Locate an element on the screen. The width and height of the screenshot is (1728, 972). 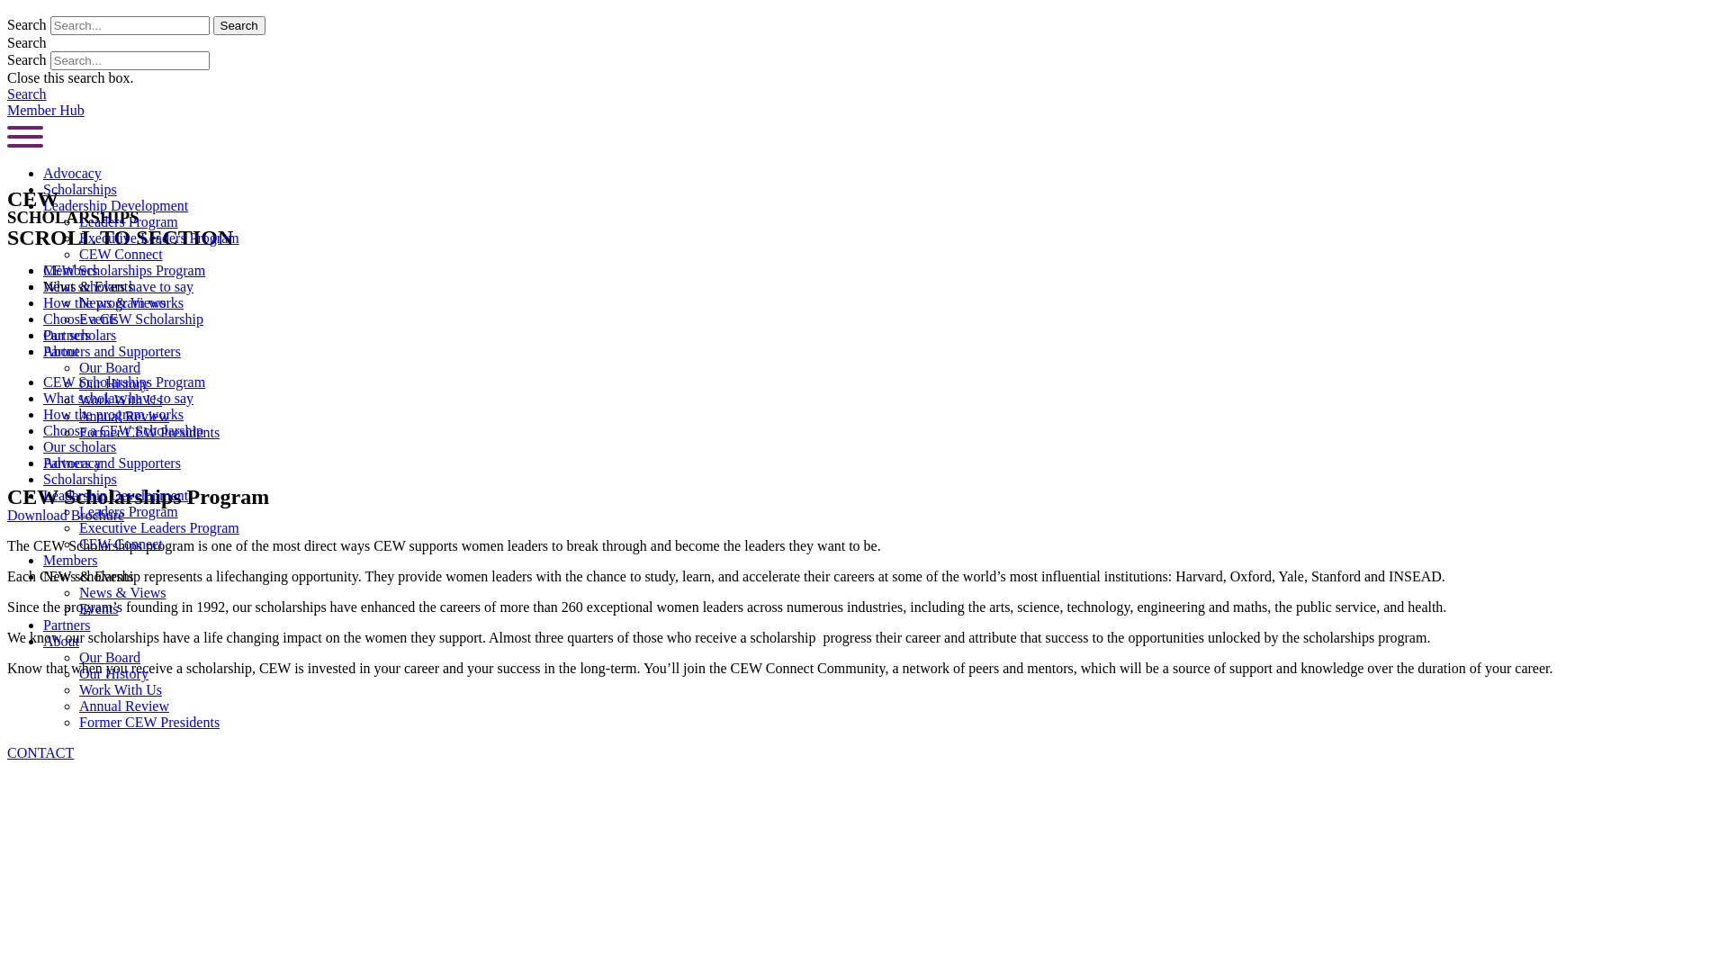
'Leaders Program' is located at coordinates (128, 511).